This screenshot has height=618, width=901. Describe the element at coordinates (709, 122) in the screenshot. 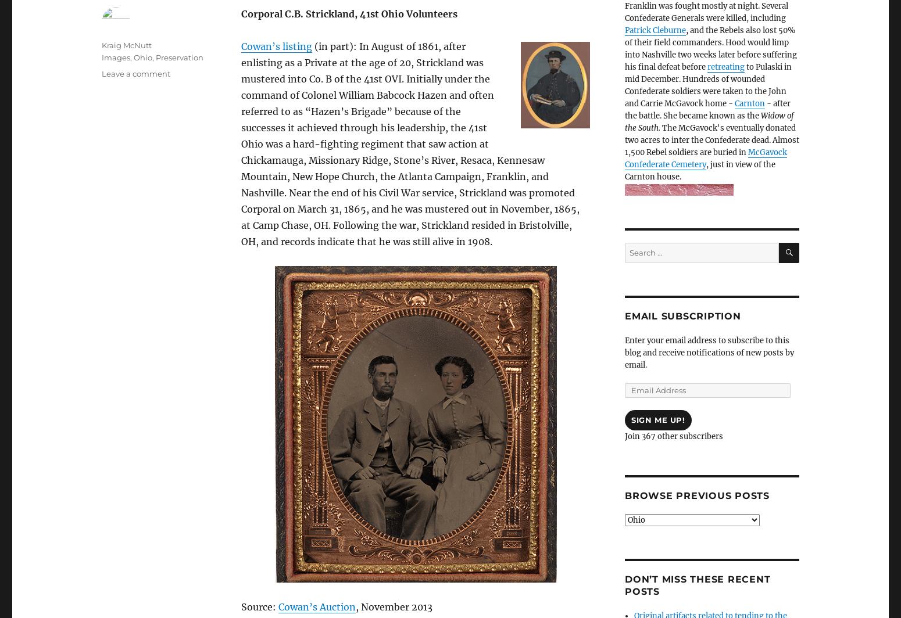

I see `'Widow of the South.'` at that location.